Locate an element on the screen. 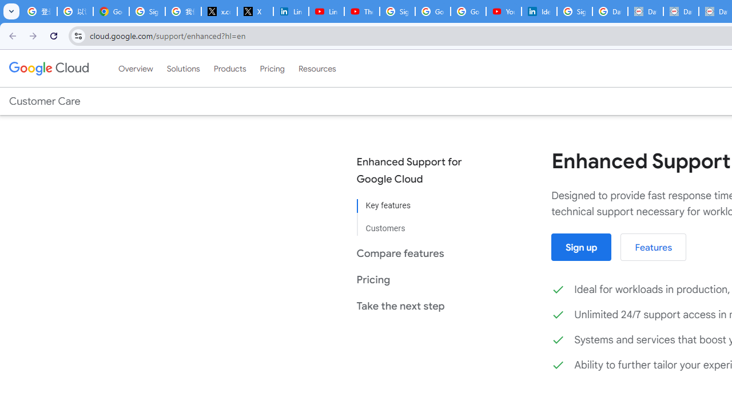 The width and height of the screenshot is (732, 412). 'Data Privacy Framework' is located at coordinates (645, 11).